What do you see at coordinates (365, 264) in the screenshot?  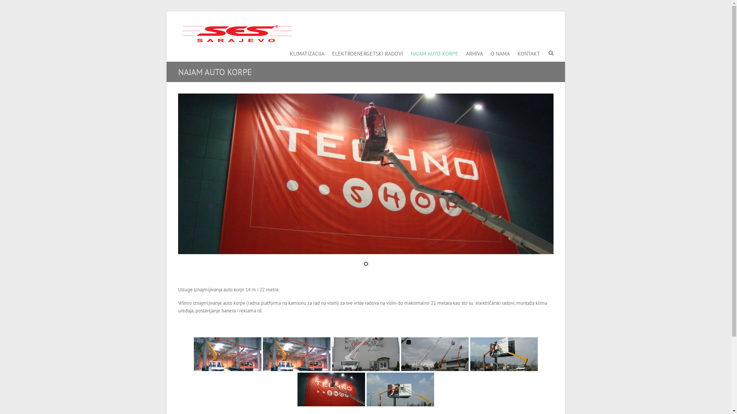 I see `'1'` at bounding box center [365, 264].